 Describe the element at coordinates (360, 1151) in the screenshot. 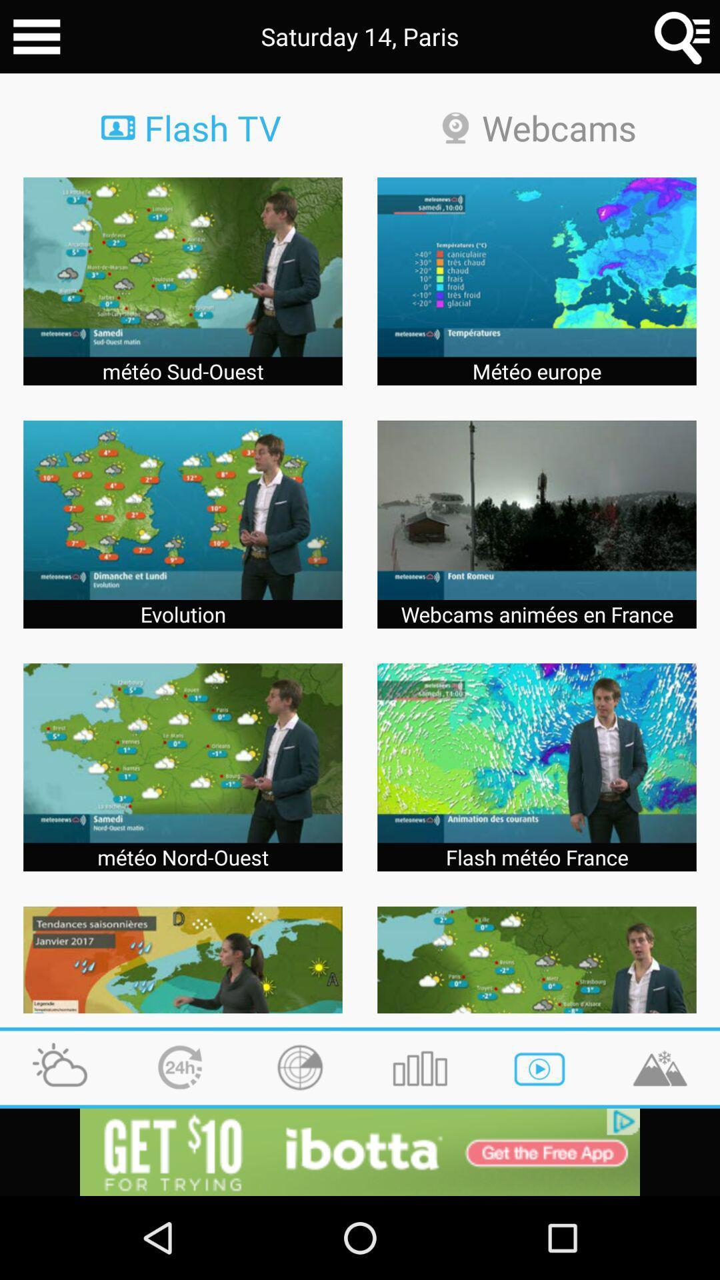

I see `advertisement click option` at that location.